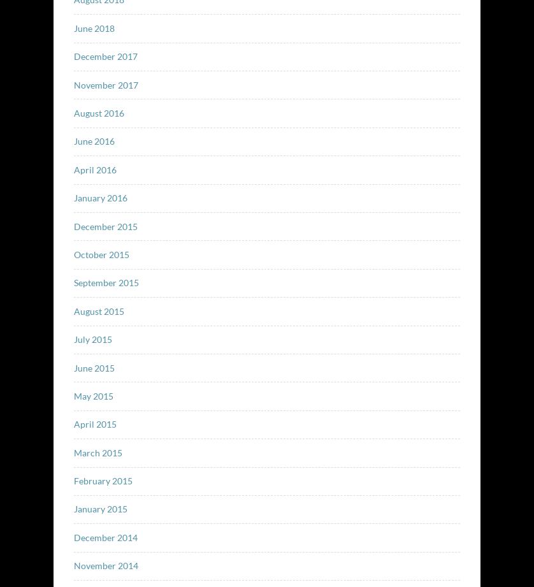 The height and width of the screenshot is (587, 534). Describe the element at coordinates (93, 140) in the screenshot. I see `'June 2016'` at that location.